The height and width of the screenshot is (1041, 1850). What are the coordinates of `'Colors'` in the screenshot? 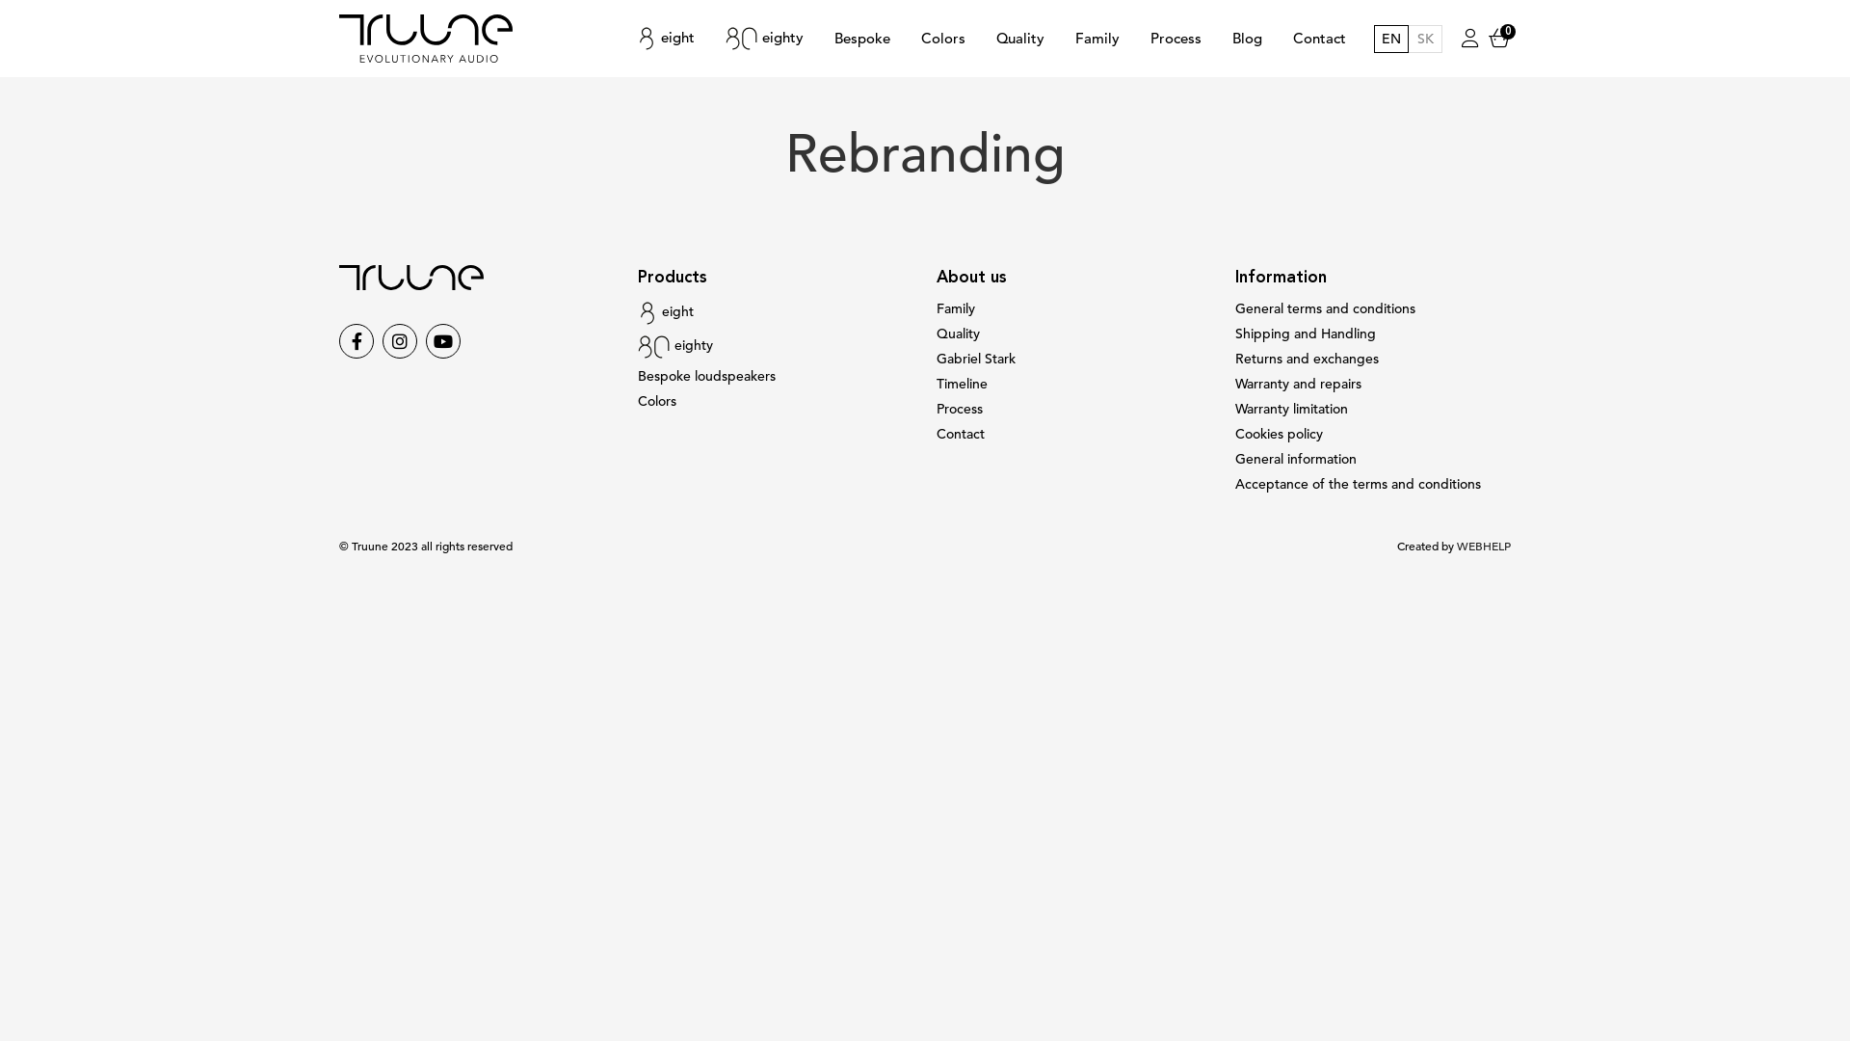 It's located at (656, 400).